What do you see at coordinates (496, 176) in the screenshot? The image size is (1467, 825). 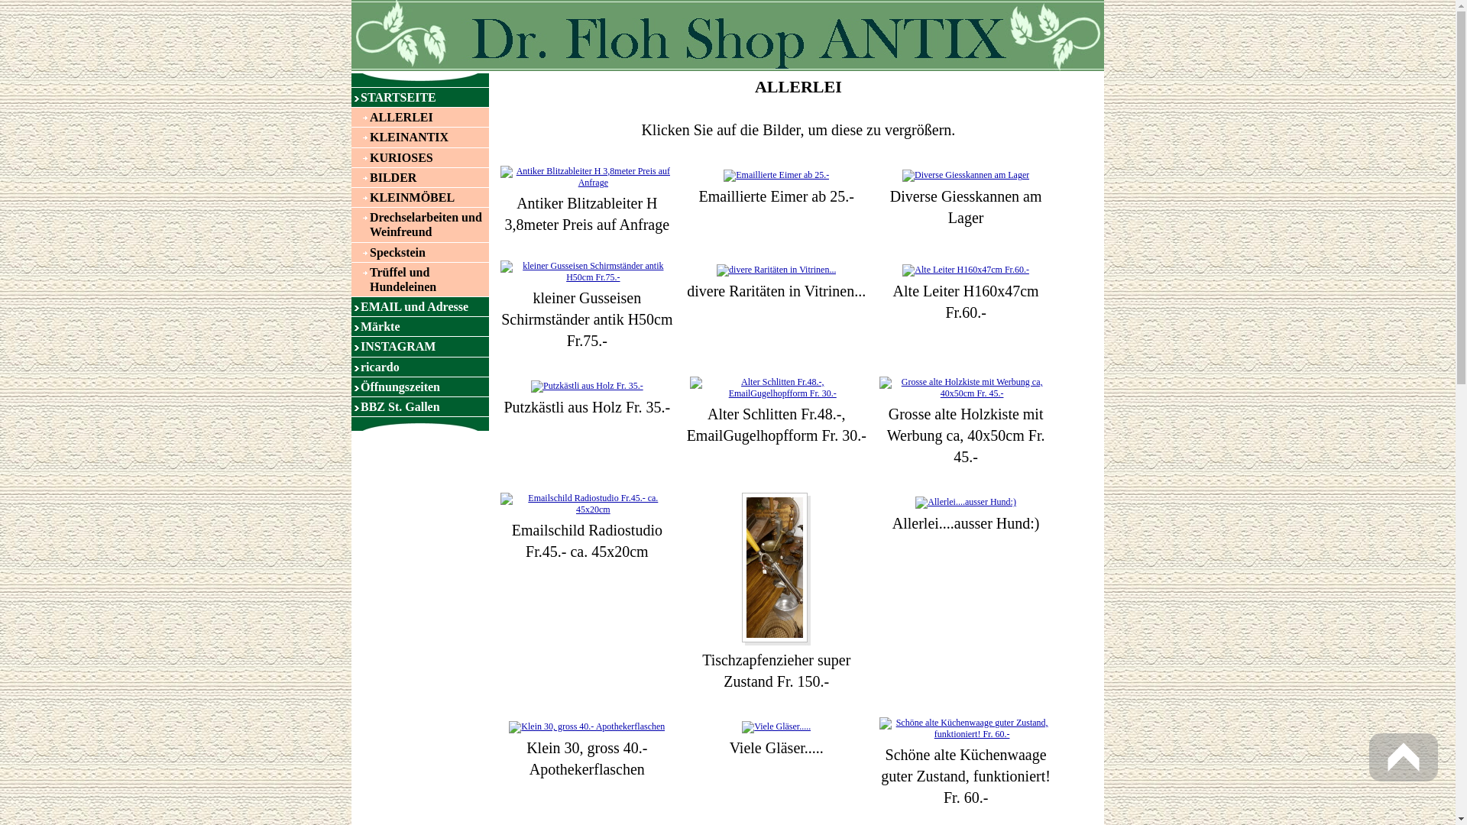 I see `'Antiker Blitzableiter H 3,8meter Preis auf Anfrage'` at bounding box center [496, 176].